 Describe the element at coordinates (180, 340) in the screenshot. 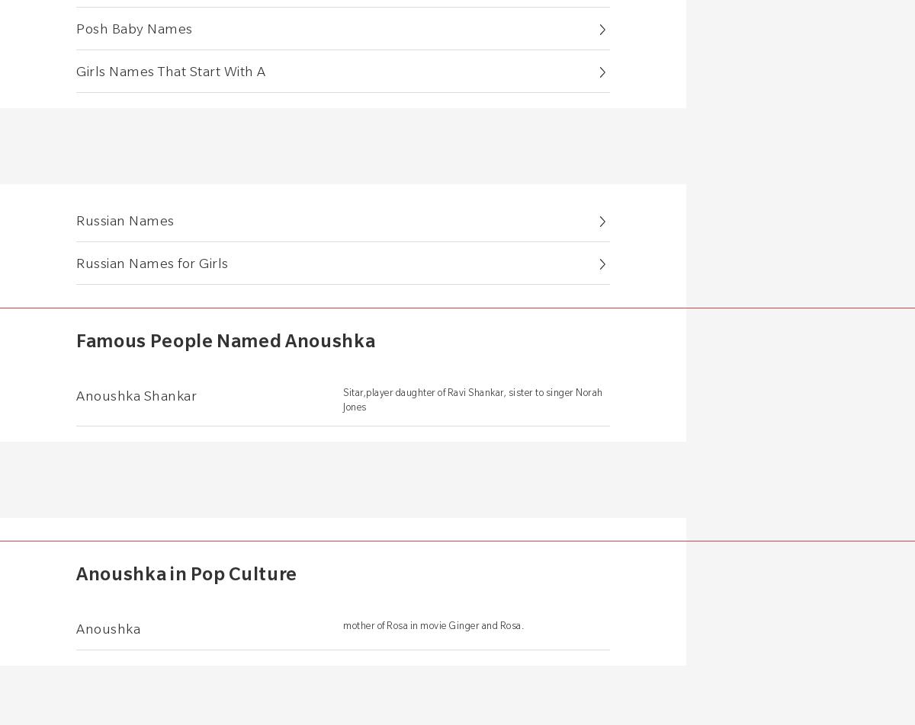

I see `'Famous People Named'` at that location.